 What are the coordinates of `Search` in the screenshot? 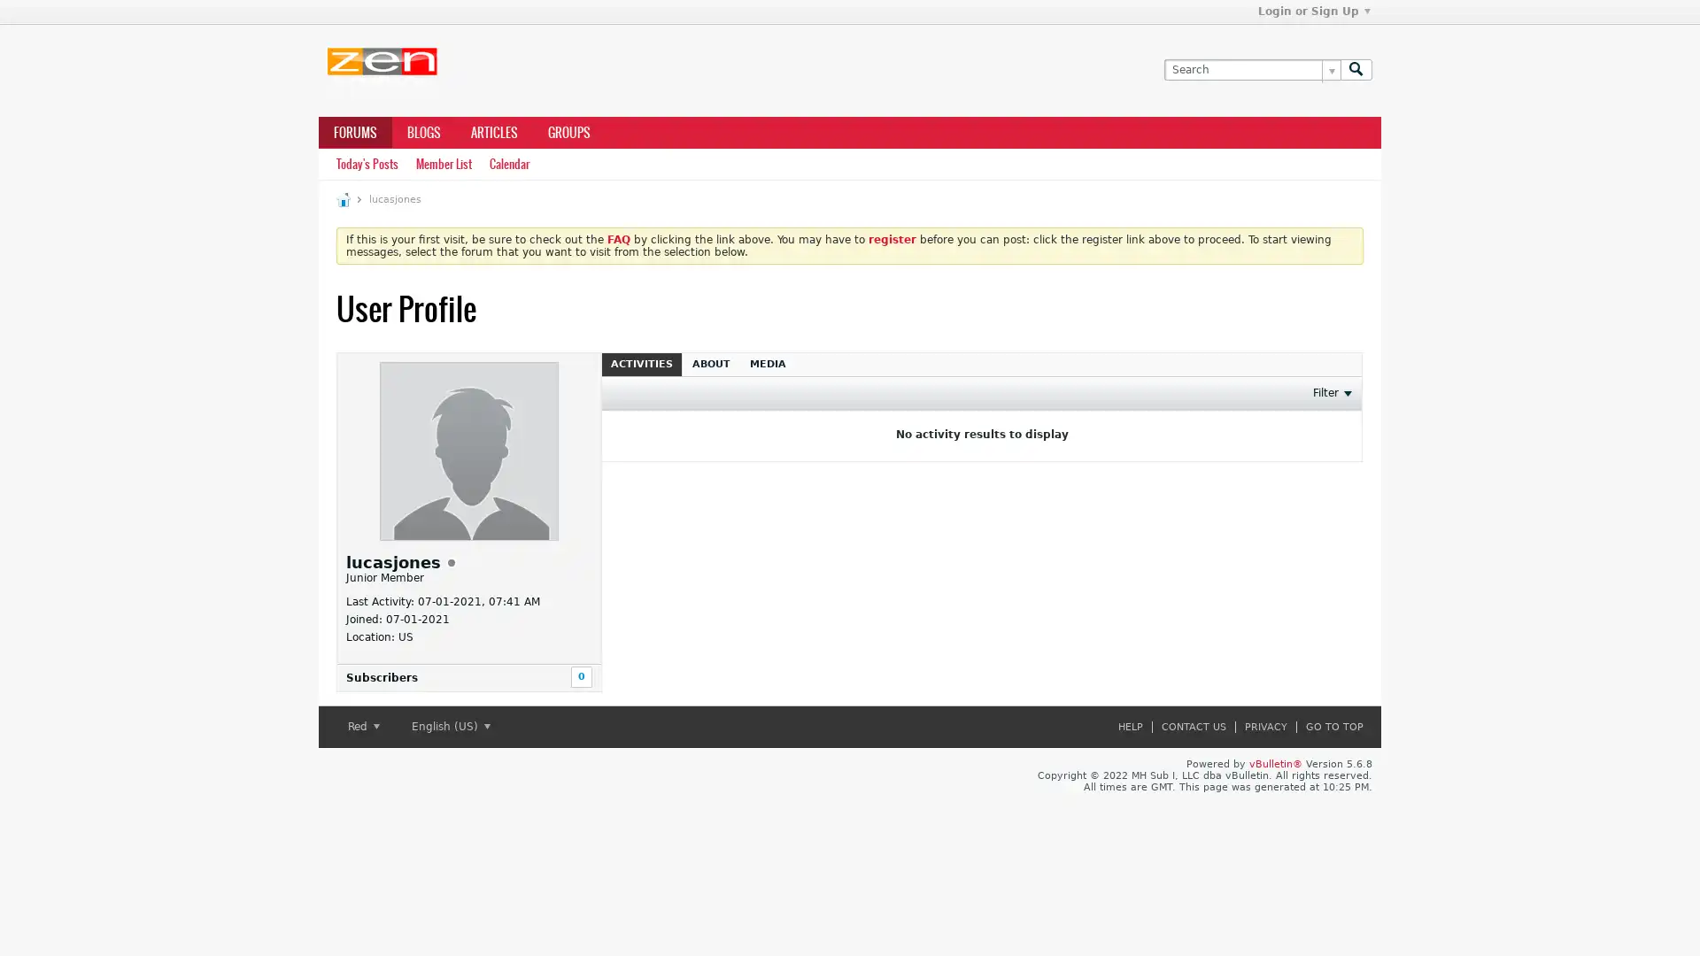 It's located at (1355, 68).